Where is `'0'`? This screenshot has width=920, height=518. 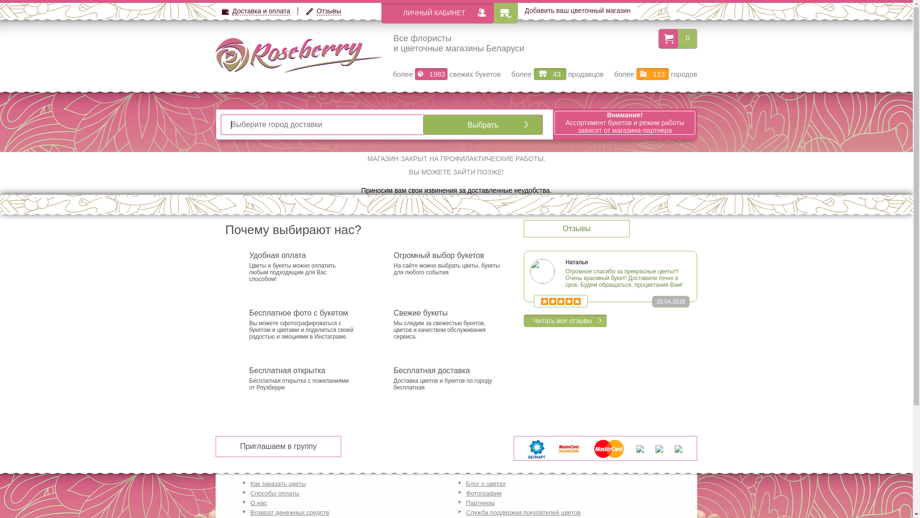
'0' is located at coordinates (678, 37).